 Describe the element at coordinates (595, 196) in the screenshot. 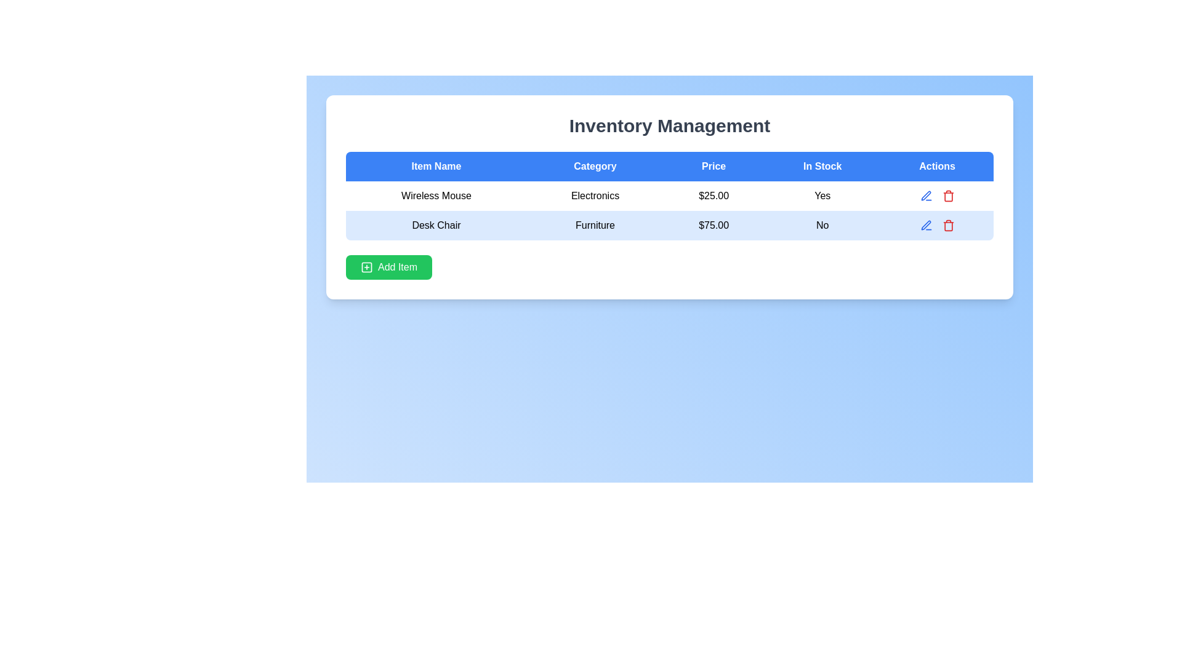

I see `the non-interactive Text Display that shows the category of the 'Wireless Mouse', located in the second cell of the 'Category' column` at that location.